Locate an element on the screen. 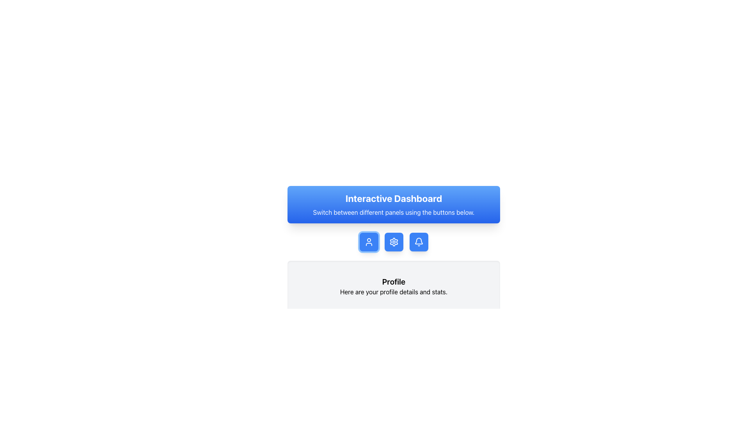 The width and height of the screenshot is (749, 421). the middle Icon button located in the horizontal row under 'Interactive Dashboard' is located at coordinates (394, 242).